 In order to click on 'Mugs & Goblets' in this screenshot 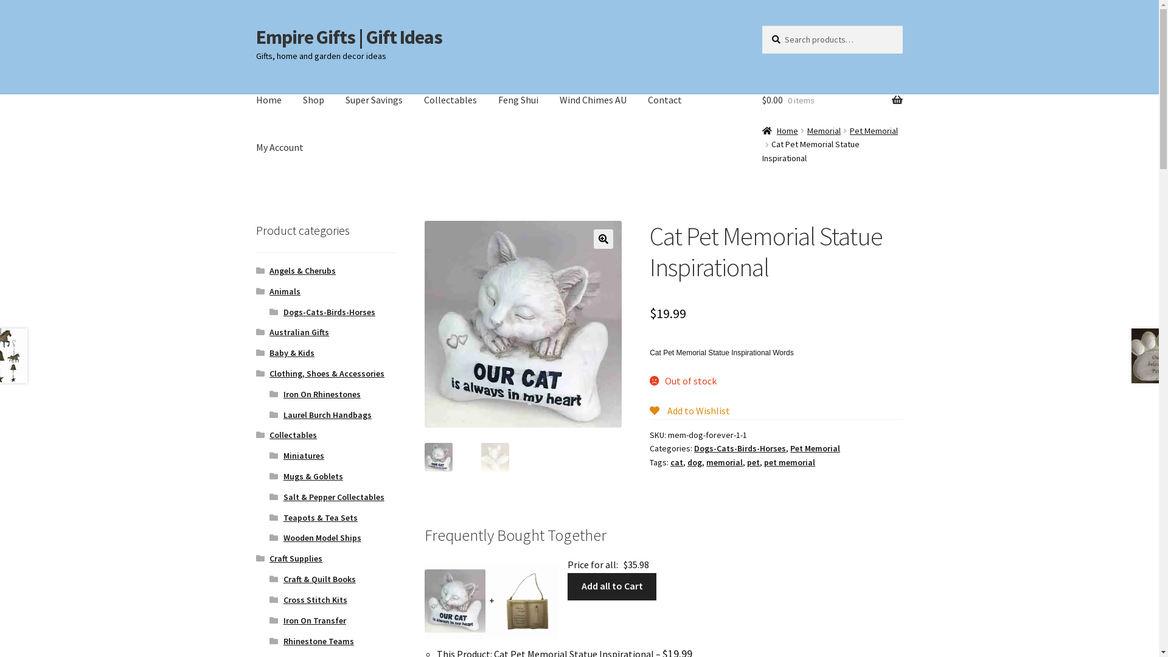, I will do `click(282, 476)`.